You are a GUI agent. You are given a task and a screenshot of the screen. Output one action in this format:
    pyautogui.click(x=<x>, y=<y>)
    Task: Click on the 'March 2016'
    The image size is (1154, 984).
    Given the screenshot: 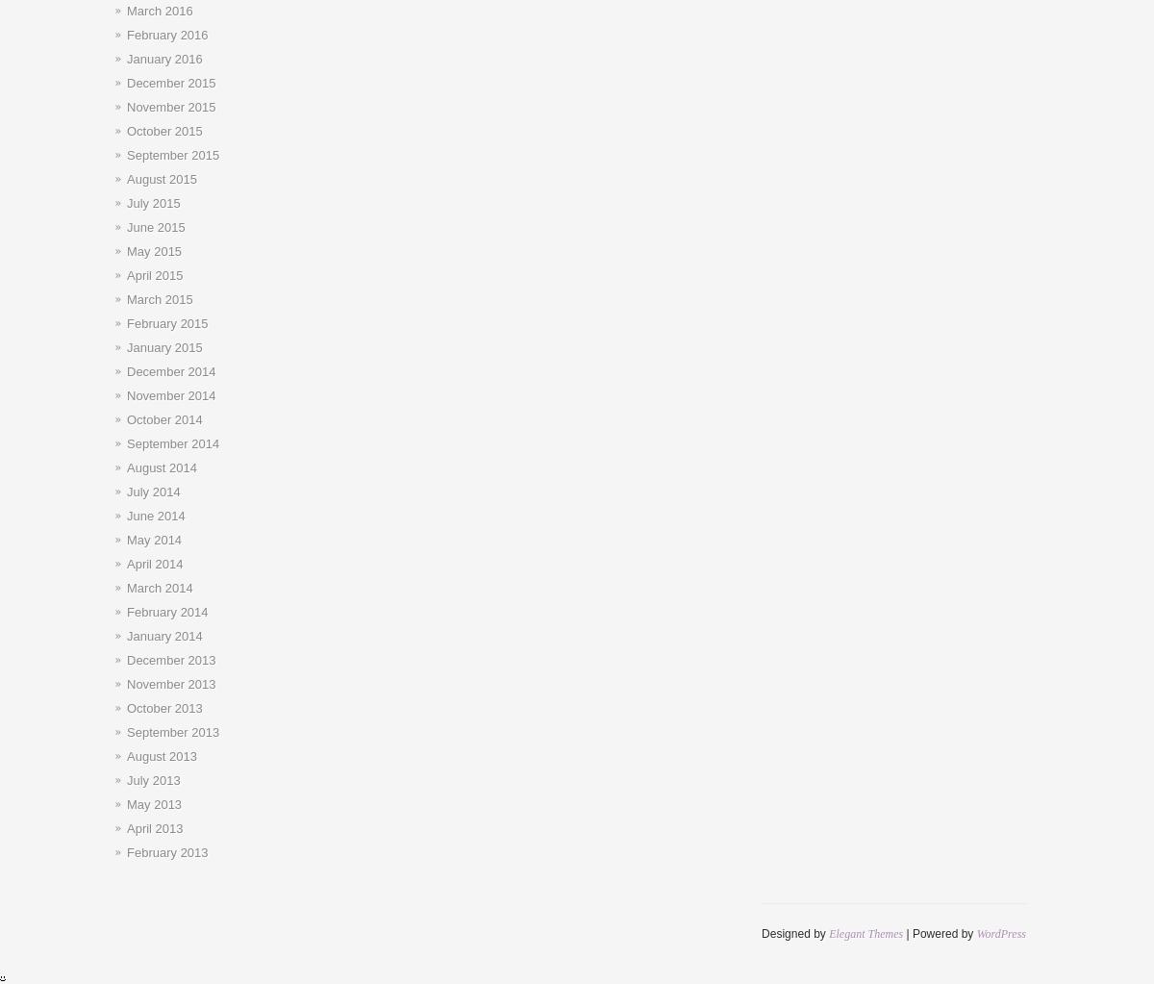 What is the action you would take?
    pyautogui.click(x=158, y=11)
    